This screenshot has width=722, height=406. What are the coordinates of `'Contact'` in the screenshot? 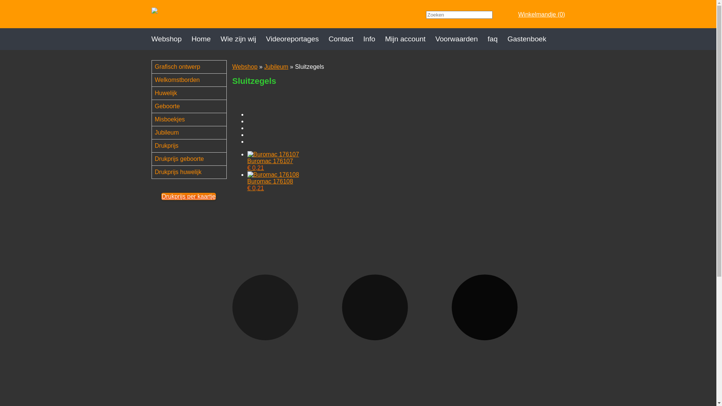 It's located at (346, 39).